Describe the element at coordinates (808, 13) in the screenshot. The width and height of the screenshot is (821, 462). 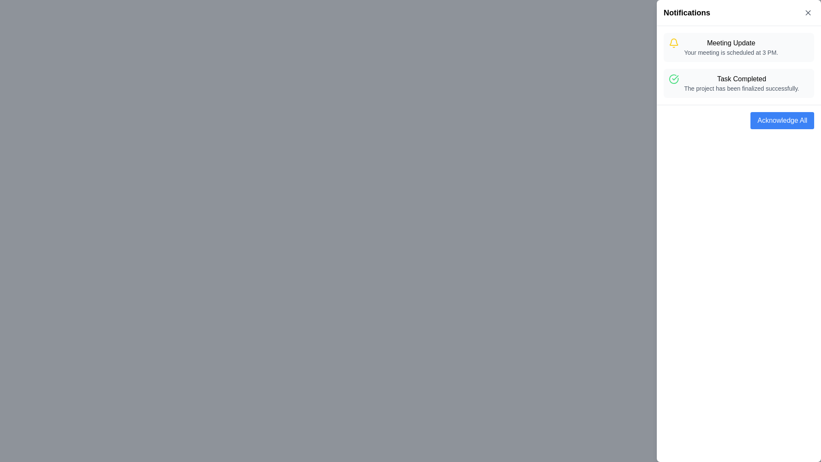
I see `the small, gray circular close button with a cross ('X') icon located at the top-right corner of the notifications panel to activate its hover effects` at that location.